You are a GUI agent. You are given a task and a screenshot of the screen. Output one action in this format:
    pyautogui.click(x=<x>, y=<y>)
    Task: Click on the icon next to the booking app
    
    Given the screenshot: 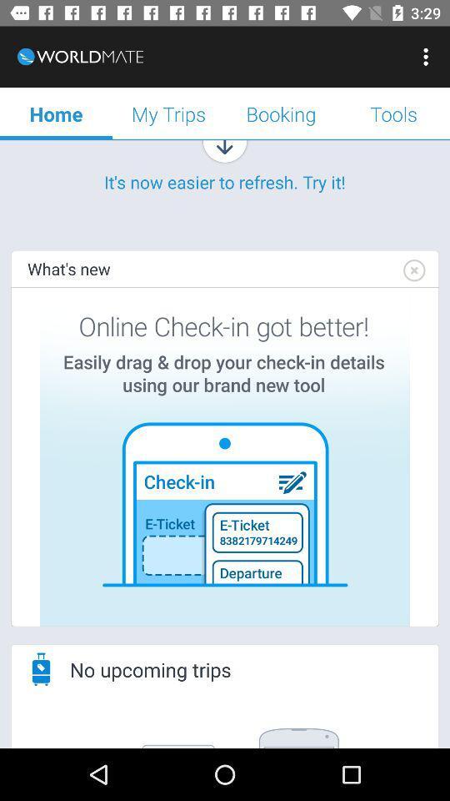 What is the action you would take?
    pyautogui.click(x=168, y=113)
    